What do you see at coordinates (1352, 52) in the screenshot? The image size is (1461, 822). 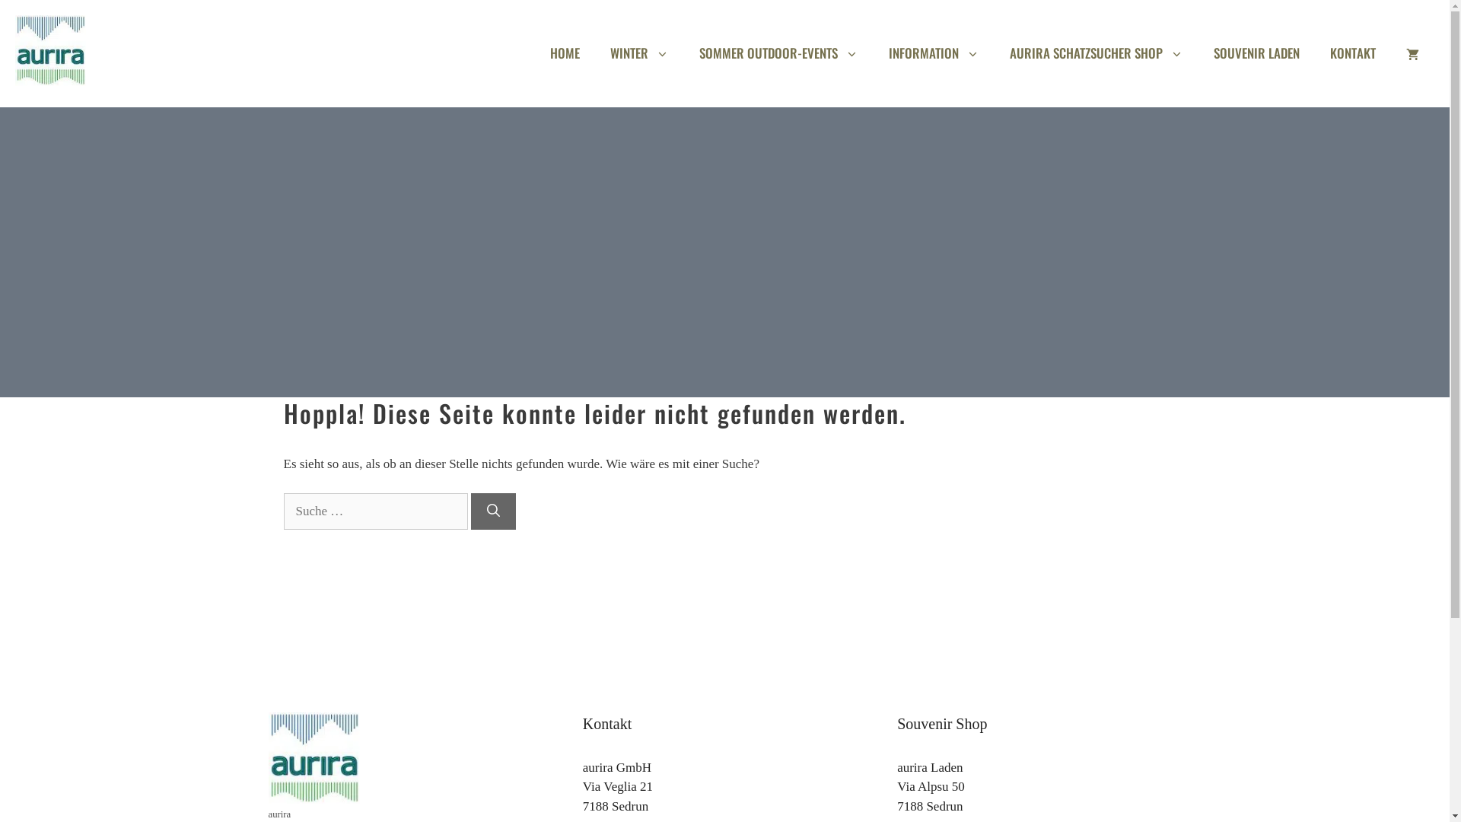 I see `'KONTAKT'` at bounding box center [1352, 52].